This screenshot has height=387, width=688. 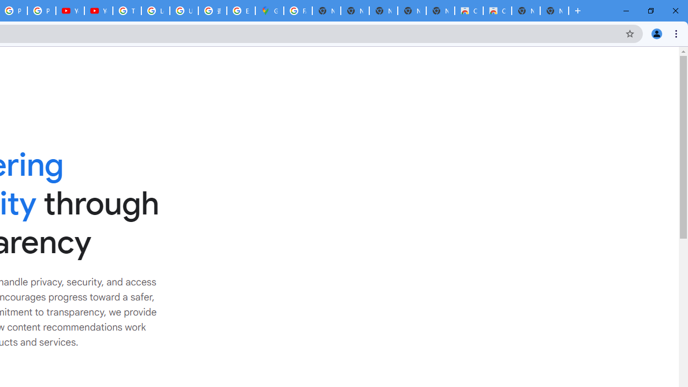 I want to click on 'Tips & tricks for Chrome - Google Chrome Help', so click(x=127, y=11).